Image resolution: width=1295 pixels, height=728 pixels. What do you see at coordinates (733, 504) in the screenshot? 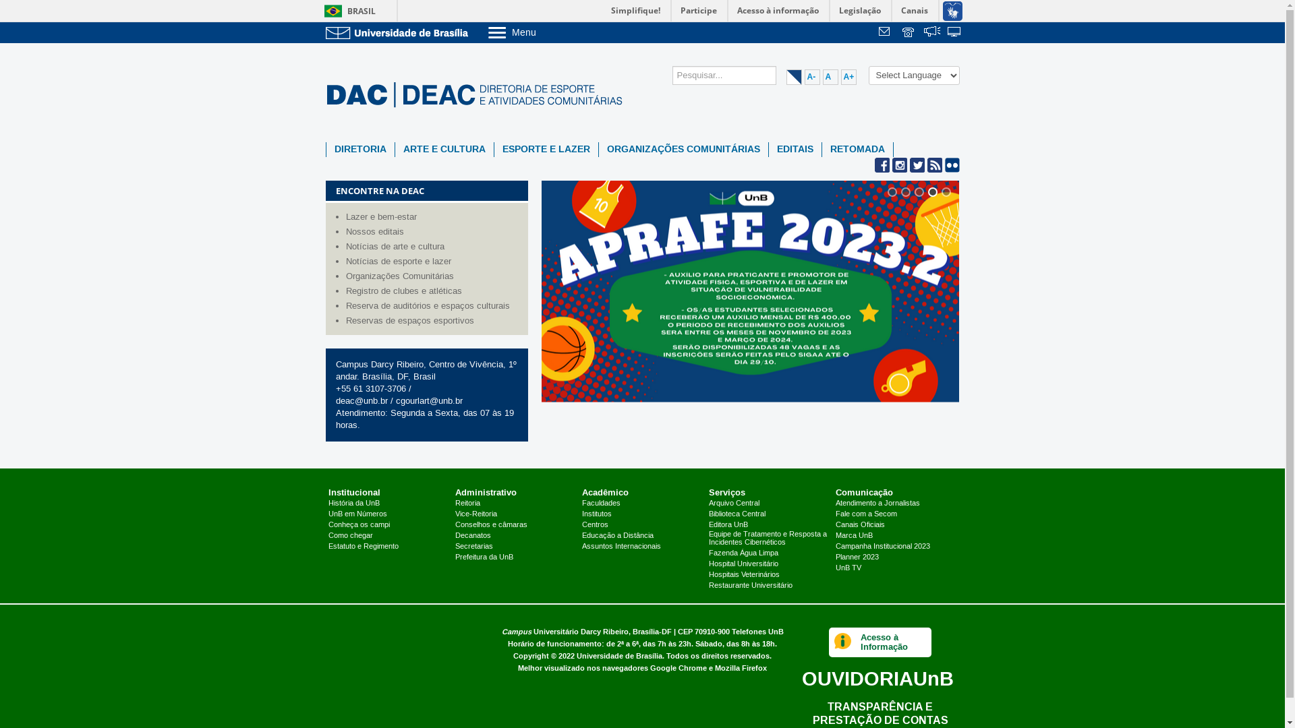
I see `'Arquivo Central'` at bounding box center [733, 504].